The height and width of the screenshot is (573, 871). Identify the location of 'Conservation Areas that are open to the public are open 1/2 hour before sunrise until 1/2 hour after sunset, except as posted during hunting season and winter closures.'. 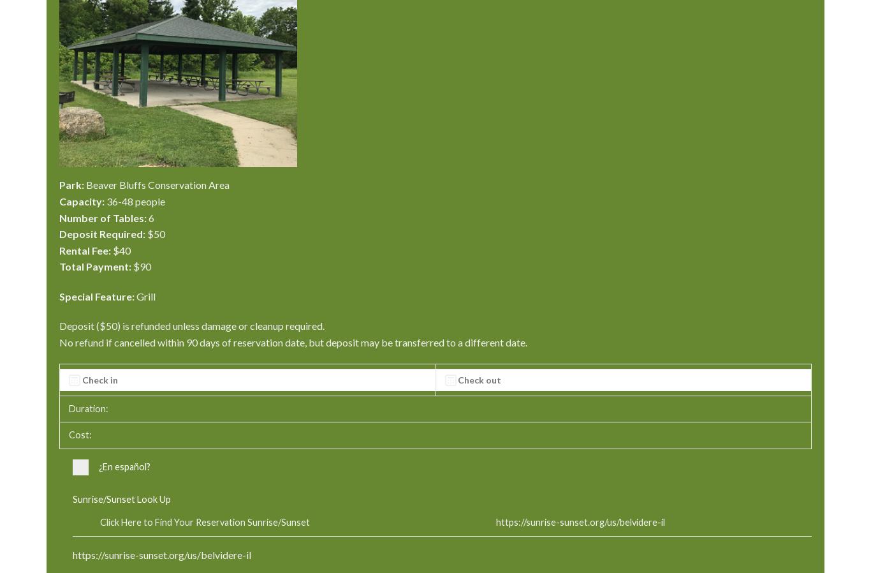
(433, 218).